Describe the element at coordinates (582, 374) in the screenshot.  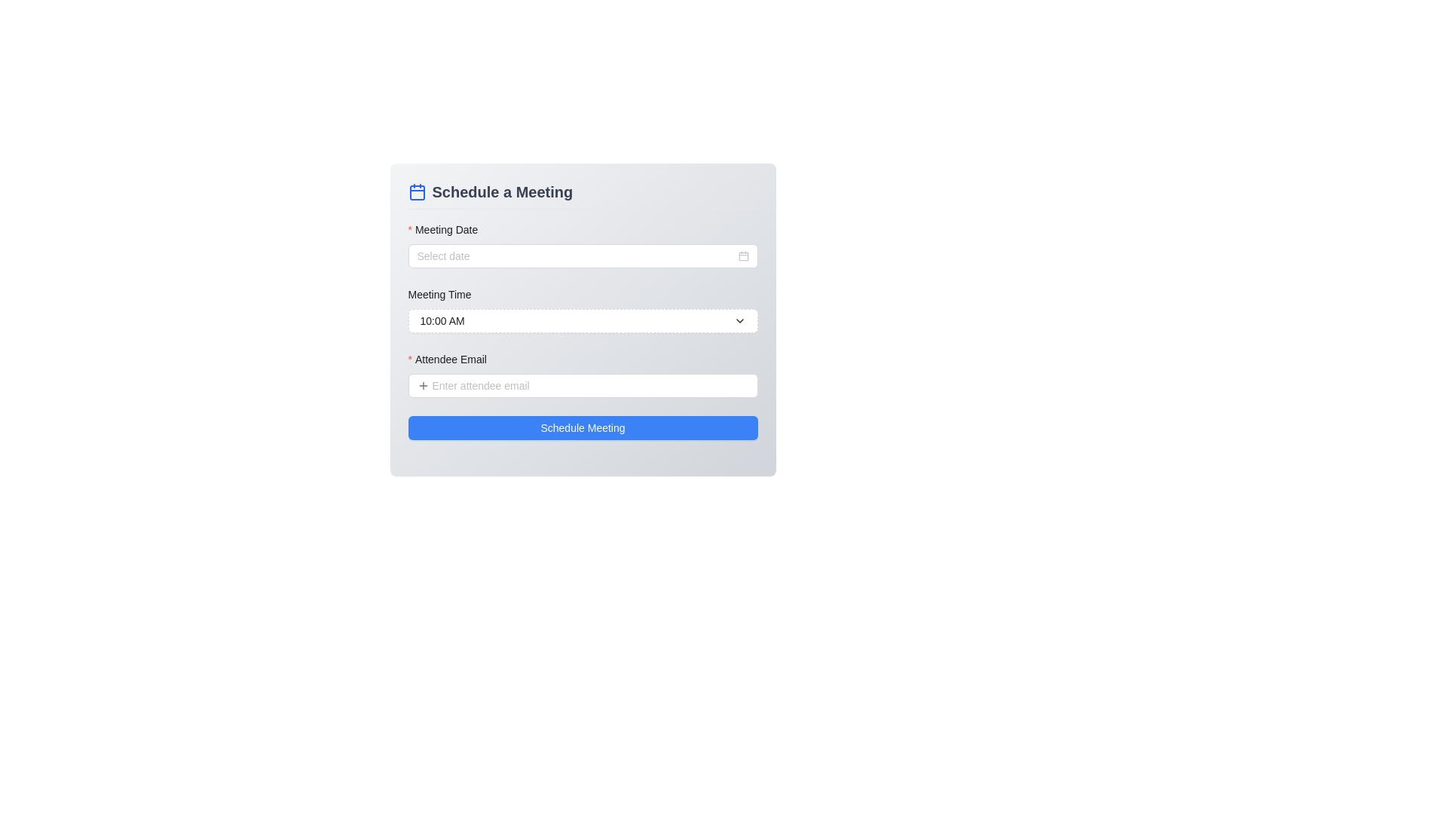
I see `the 'Attendee Email' input field located below the 'Meeting Time' section` at that location.